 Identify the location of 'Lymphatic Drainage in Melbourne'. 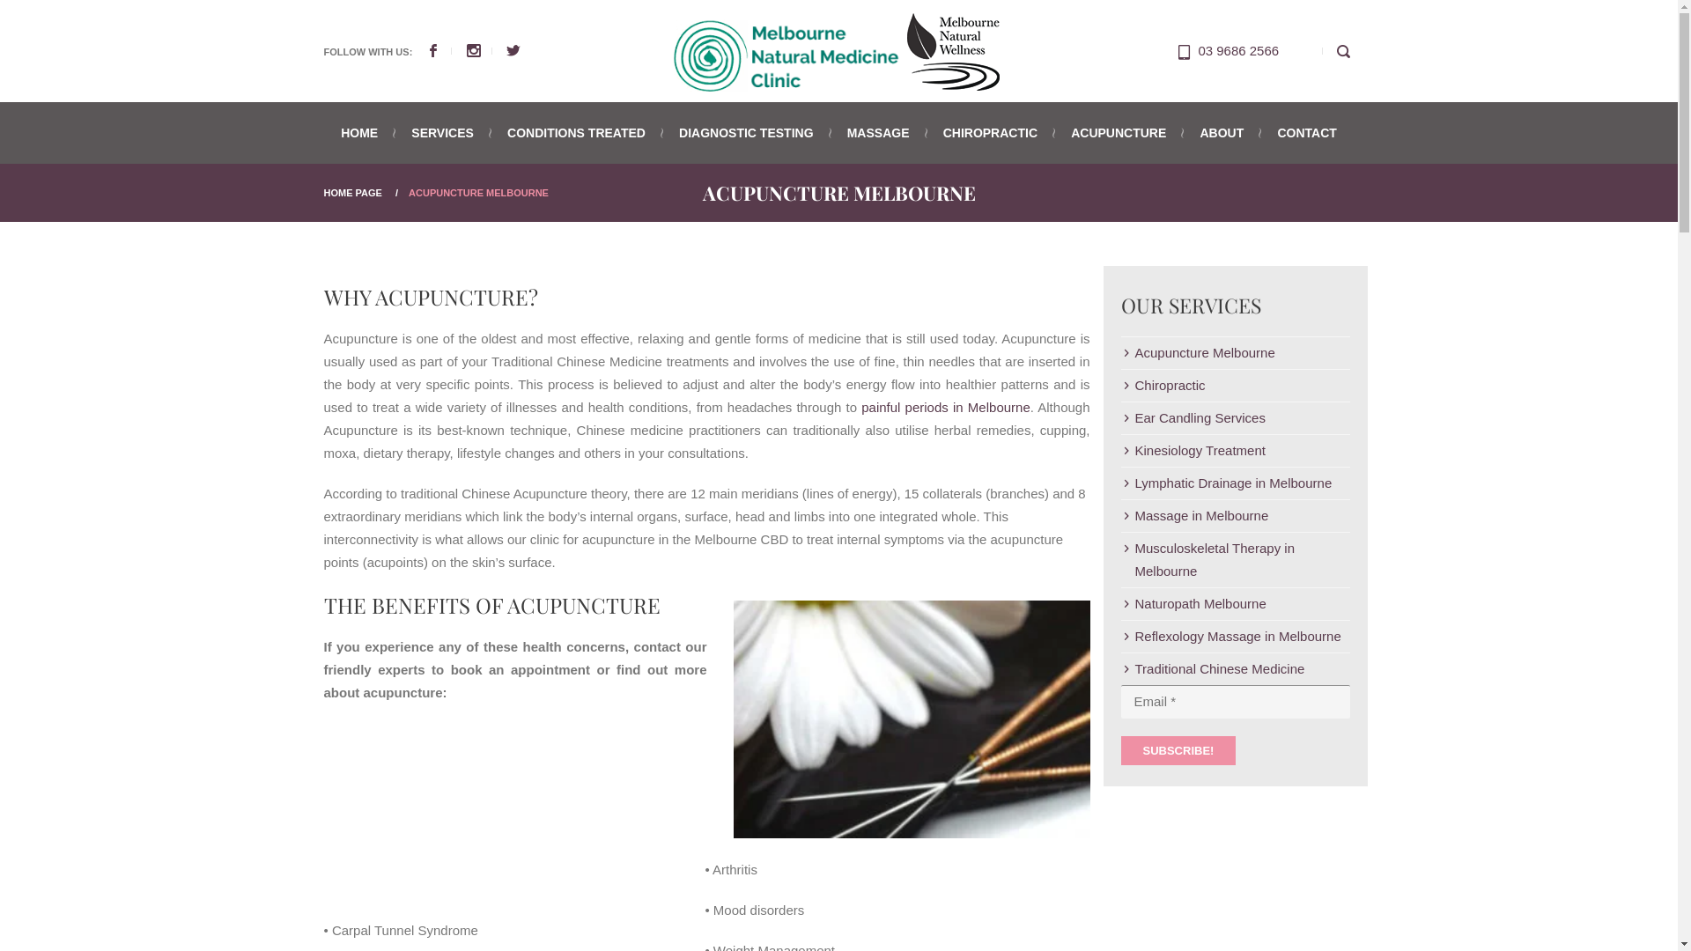
(1225, 483).